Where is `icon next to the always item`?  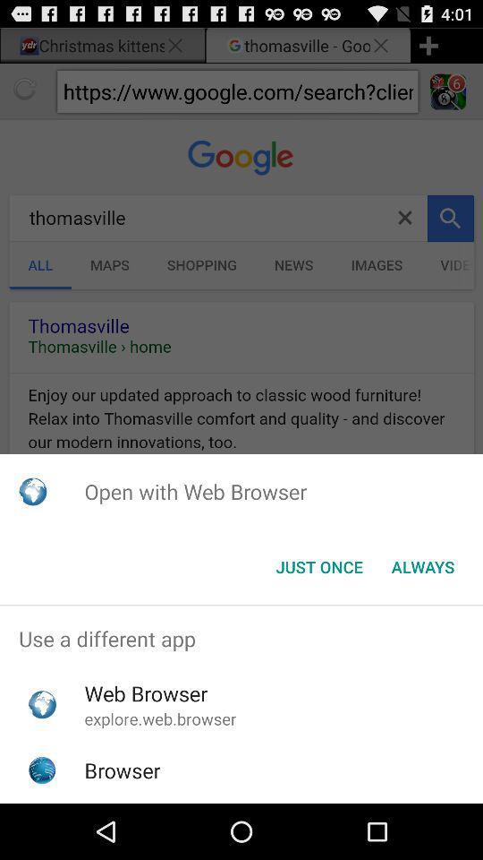
icon next to the always item is located at coordinates (318, 566).